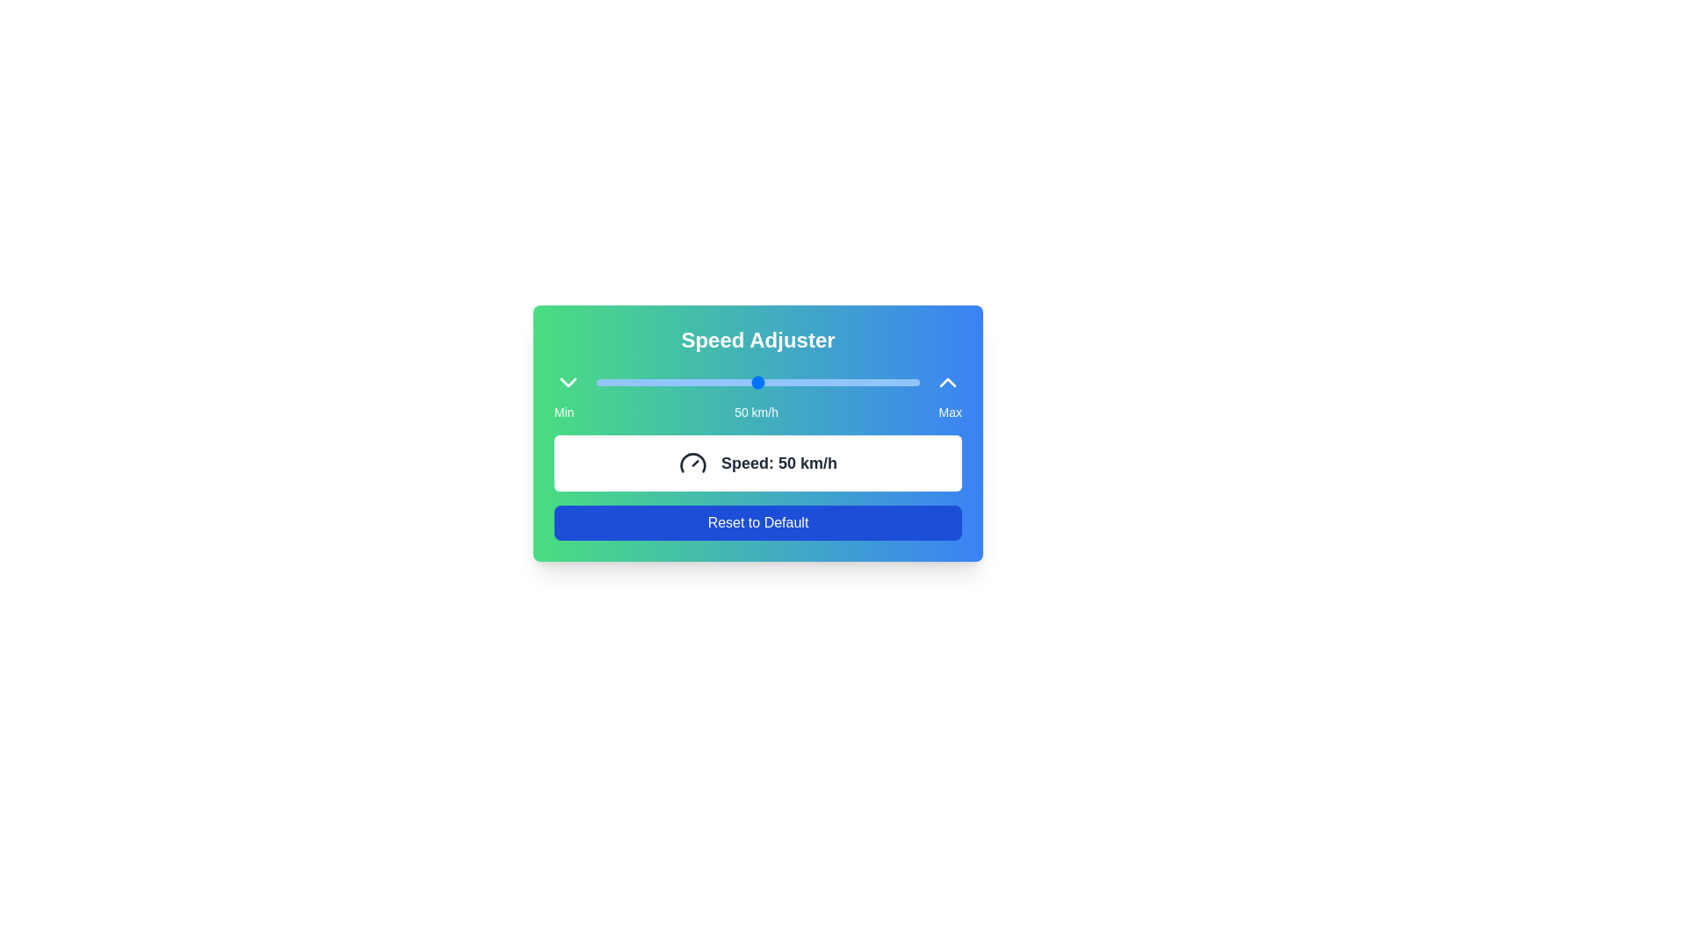 Image resolution: width=1687 pixels, height=948 pixels. Describe the element at coordinates (606, 381) in the screenshot. I see `the slider value` at that location.